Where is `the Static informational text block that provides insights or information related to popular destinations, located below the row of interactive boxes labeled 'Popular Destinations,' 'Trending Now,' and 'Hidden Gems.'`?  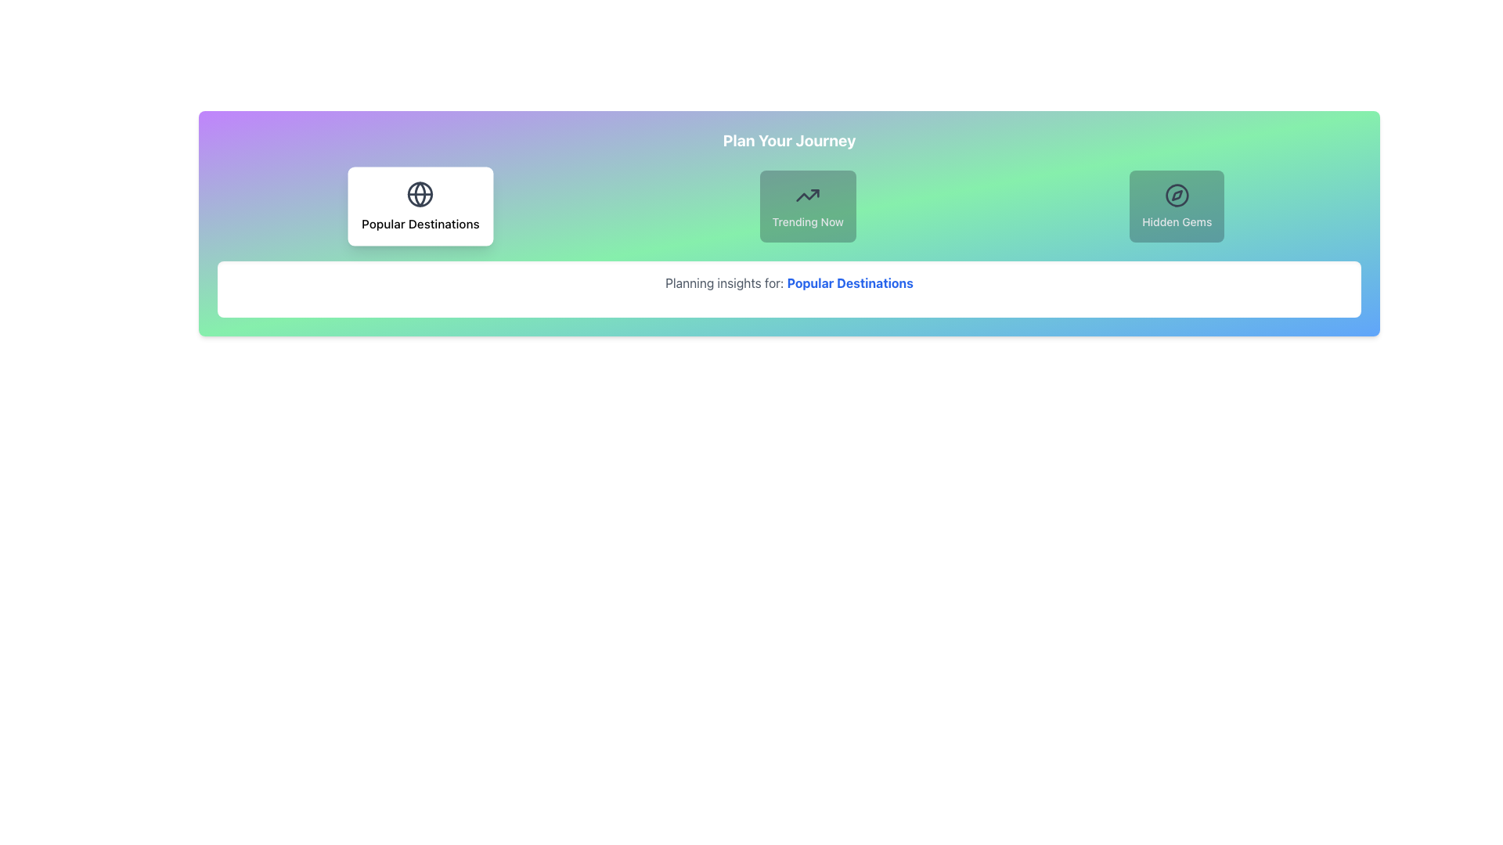
the Static informational text block that provides insights or information related to popular destinations, located below the row of interactive boxes labeled 'Popular Destinations,' 'Trending Now,' and 'Hidden Gems.' is located at coordinates (789, 289).